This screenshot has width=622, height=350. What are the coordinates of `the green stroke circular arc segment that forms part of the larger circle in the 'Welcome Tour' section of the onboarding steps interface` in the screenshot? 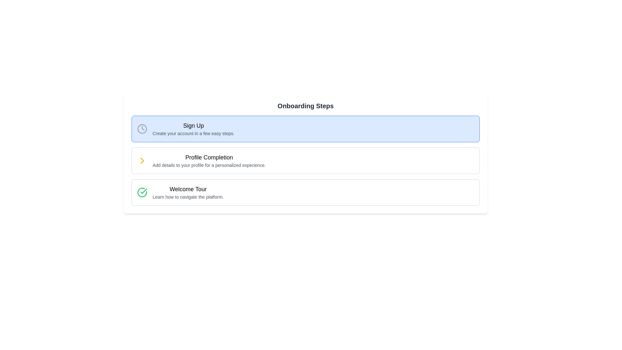 It's located at (142, 192).